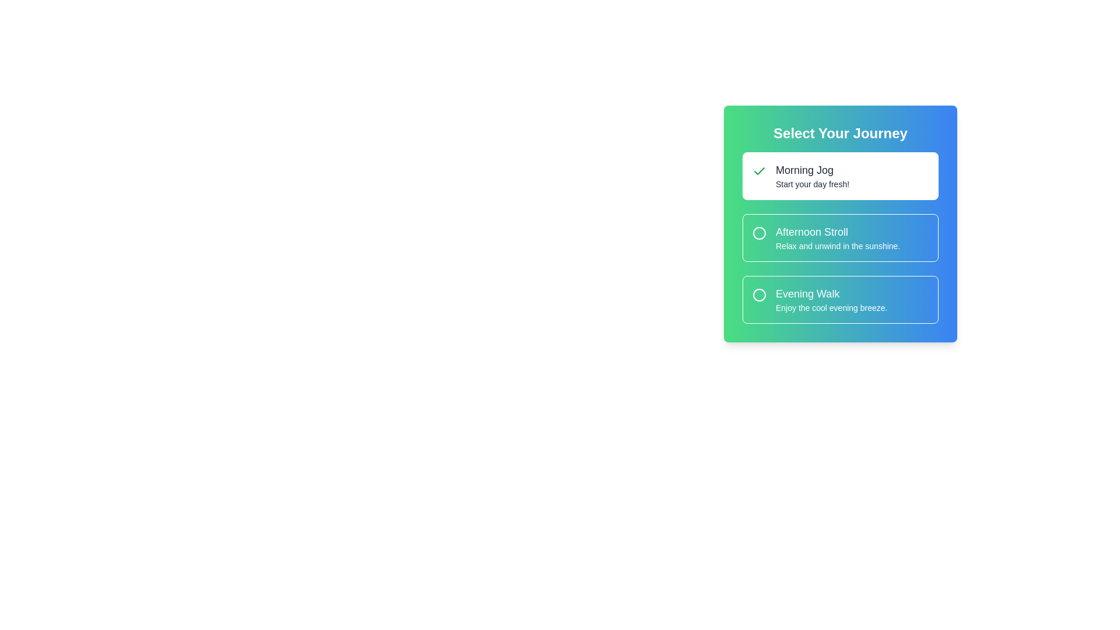 The width and height of the screenshot is (1120, 630). What do you see at coordinates (831, 293) in the screenshot?
I see `the Text Label that identifies the 'Evening Walk' option, positioned above the description text in the selection list` at bounding box center [831, 293].